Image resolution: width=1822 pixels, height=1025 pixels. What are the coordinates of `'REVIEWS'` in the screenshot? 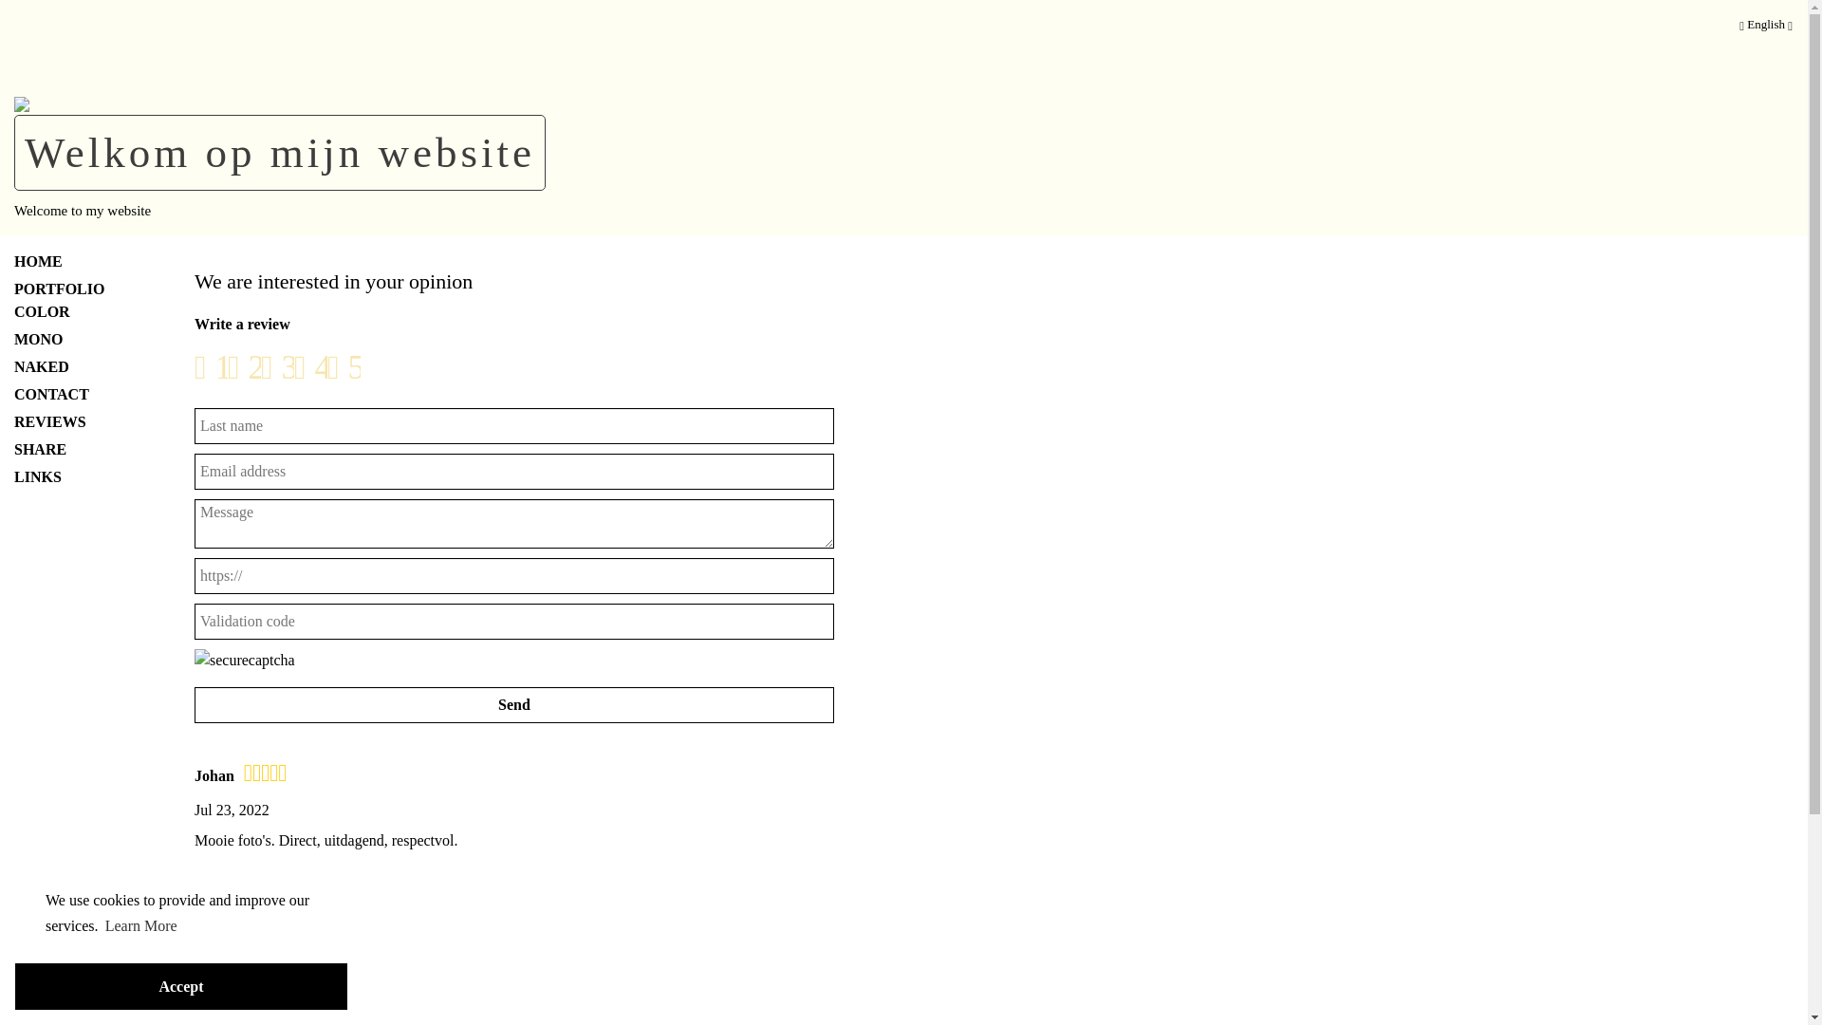 It's located at (76, 419).